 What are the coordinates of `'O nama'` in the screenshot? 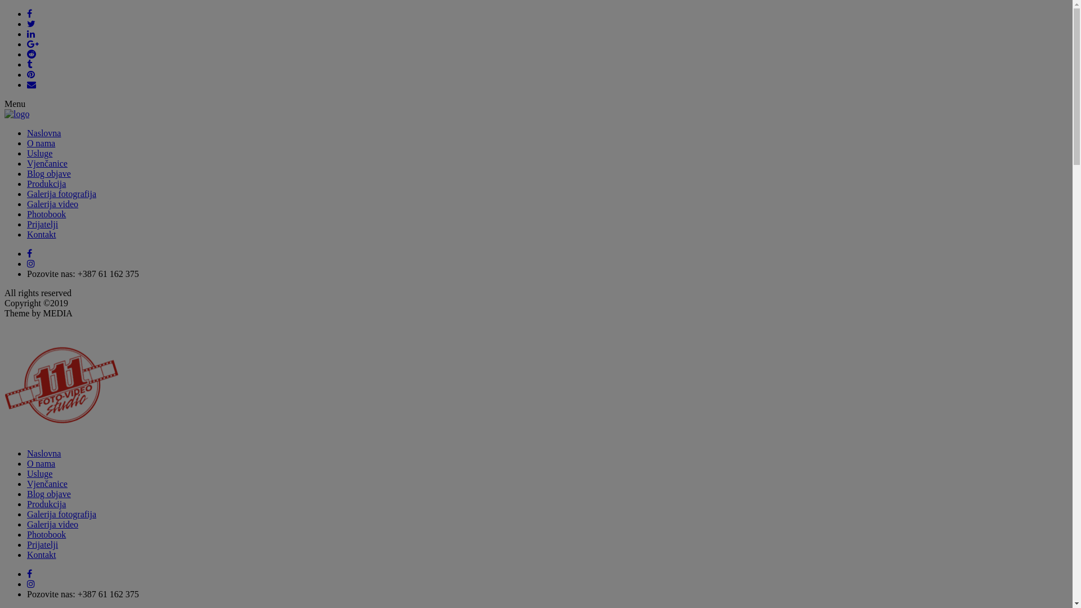 It's located at (41, 463).